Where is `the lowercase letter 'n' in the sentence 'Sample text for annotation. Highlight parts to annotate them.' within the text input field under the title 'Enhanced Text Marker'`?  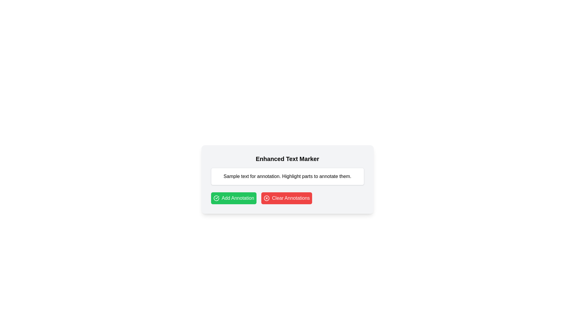
the lowercase letter 'n' in the sentence 'Sample text for annotation. Highlight parts to annotate them.' within the text input field under the title 'Enhanced Text Marker' is located at coordinates (278, 176).